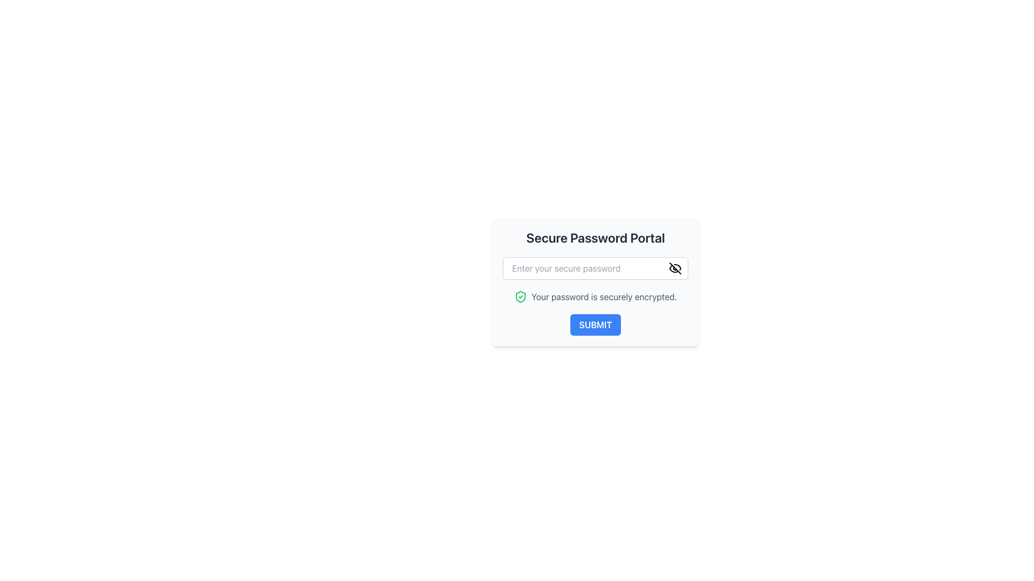 The height and width of the screenshot is (581, 1034). What do you see at coordinates (520, 296) in the screenshot?
I see `the green shield icon with a checkmark located to the left of the text label 'Your password is securely encrypted'` at bounding box center [520, 296].